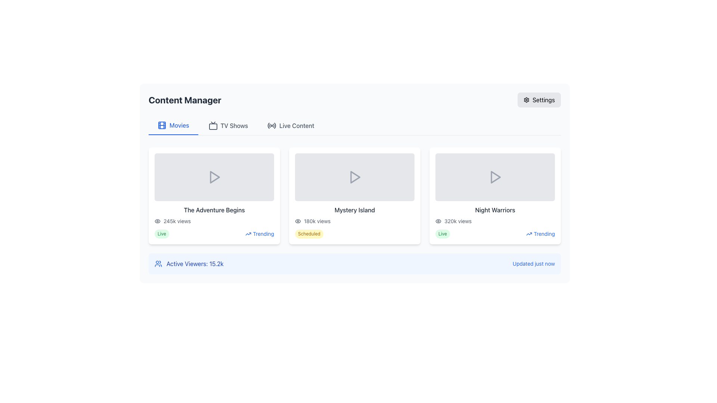 This screenshot has height=403, width=717. What do you see at coordinates (533, 263) in the screenshot?
I see `text from the Text Label that indicates the last refresh time or status update, which is positioned right after 'Active Viewers: 15.2k'` at bounding box center [533, 263].